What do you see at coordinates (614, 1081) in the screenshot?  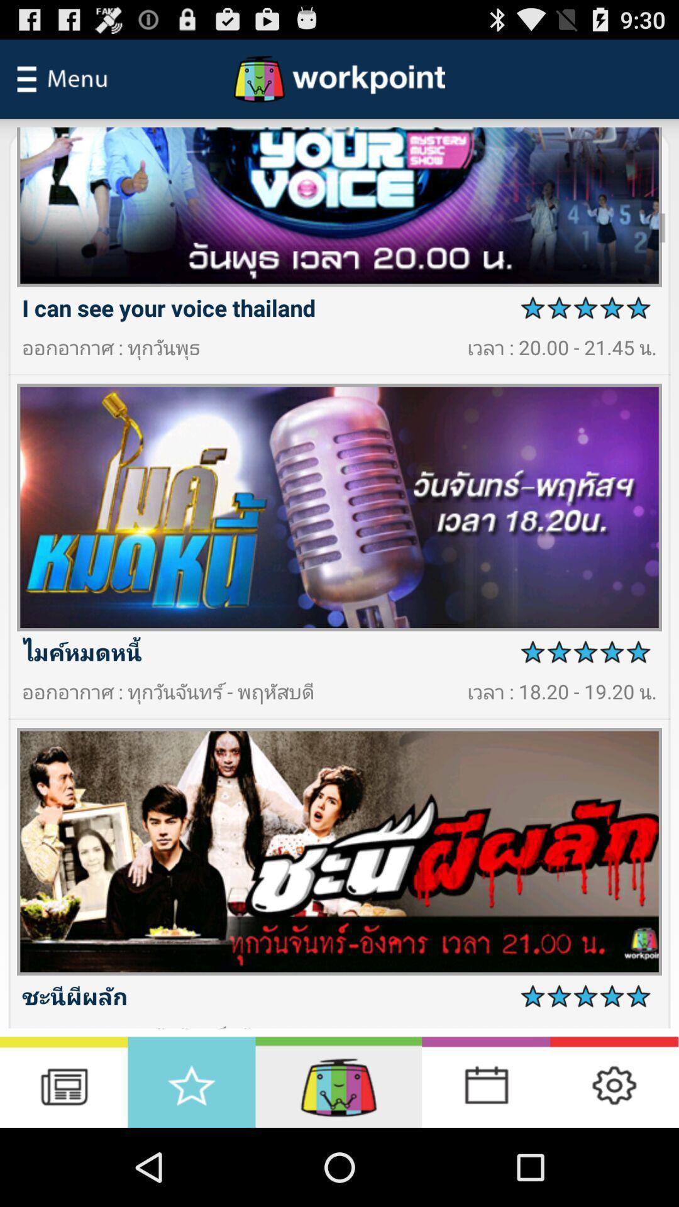 I see `settings option` at bounding box center [614, 1081].